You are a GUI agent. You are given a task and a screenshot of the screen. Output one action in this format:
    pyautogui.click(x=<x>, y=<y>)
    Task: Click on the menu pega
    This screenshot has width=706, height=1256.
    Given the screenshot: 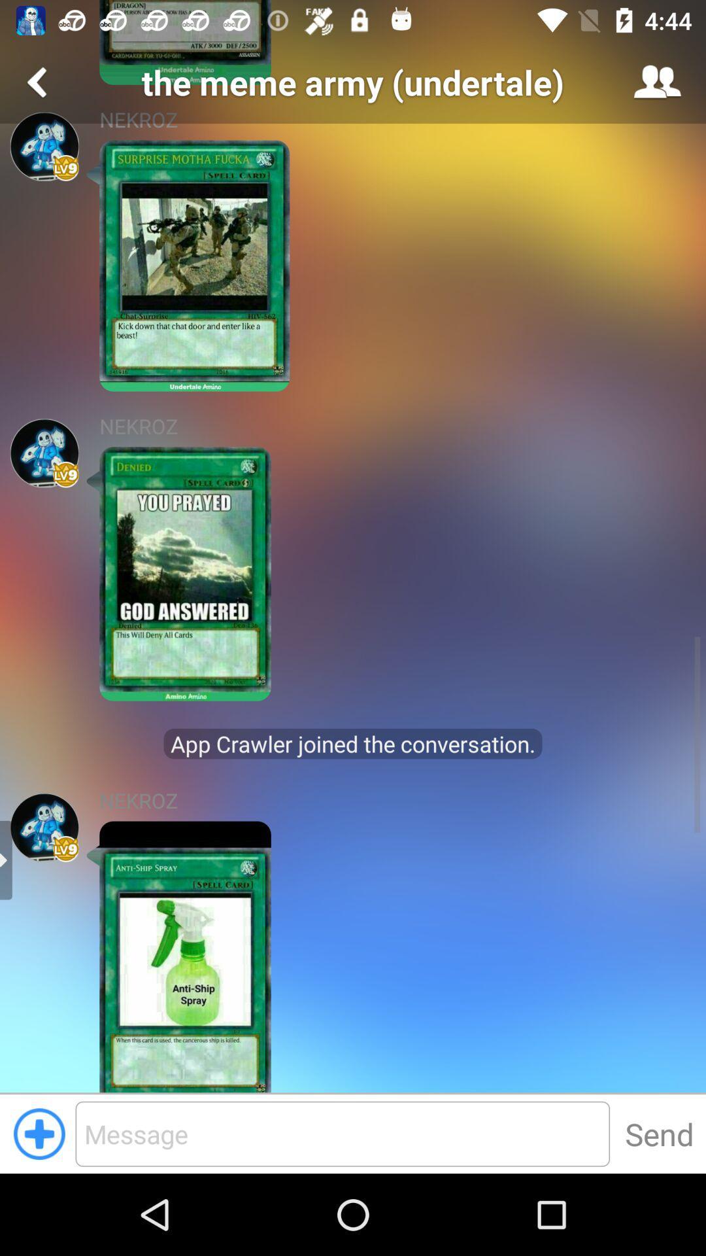 What is the action you would take?
    pyautogui.click(x=44, y=147)
    